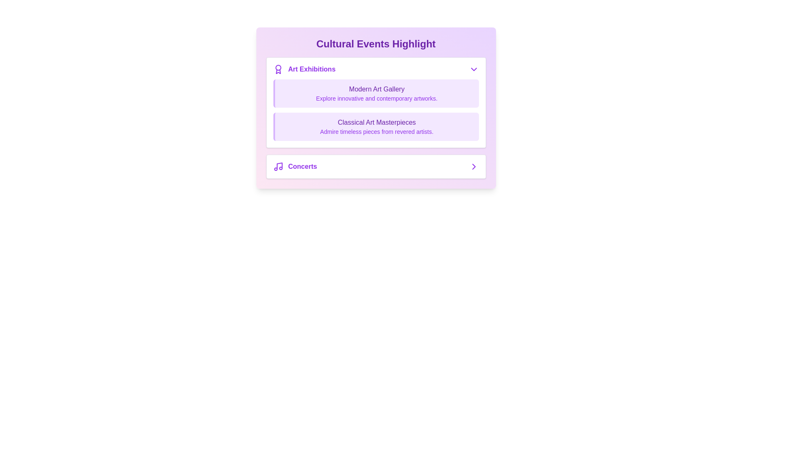 This screenshot has height=449, width=799. What do you see at coordinates (375, 93) in the screenshot?
I see `the event item titled Modern Art Gallery to view its details` at bounding box center [375, 93].